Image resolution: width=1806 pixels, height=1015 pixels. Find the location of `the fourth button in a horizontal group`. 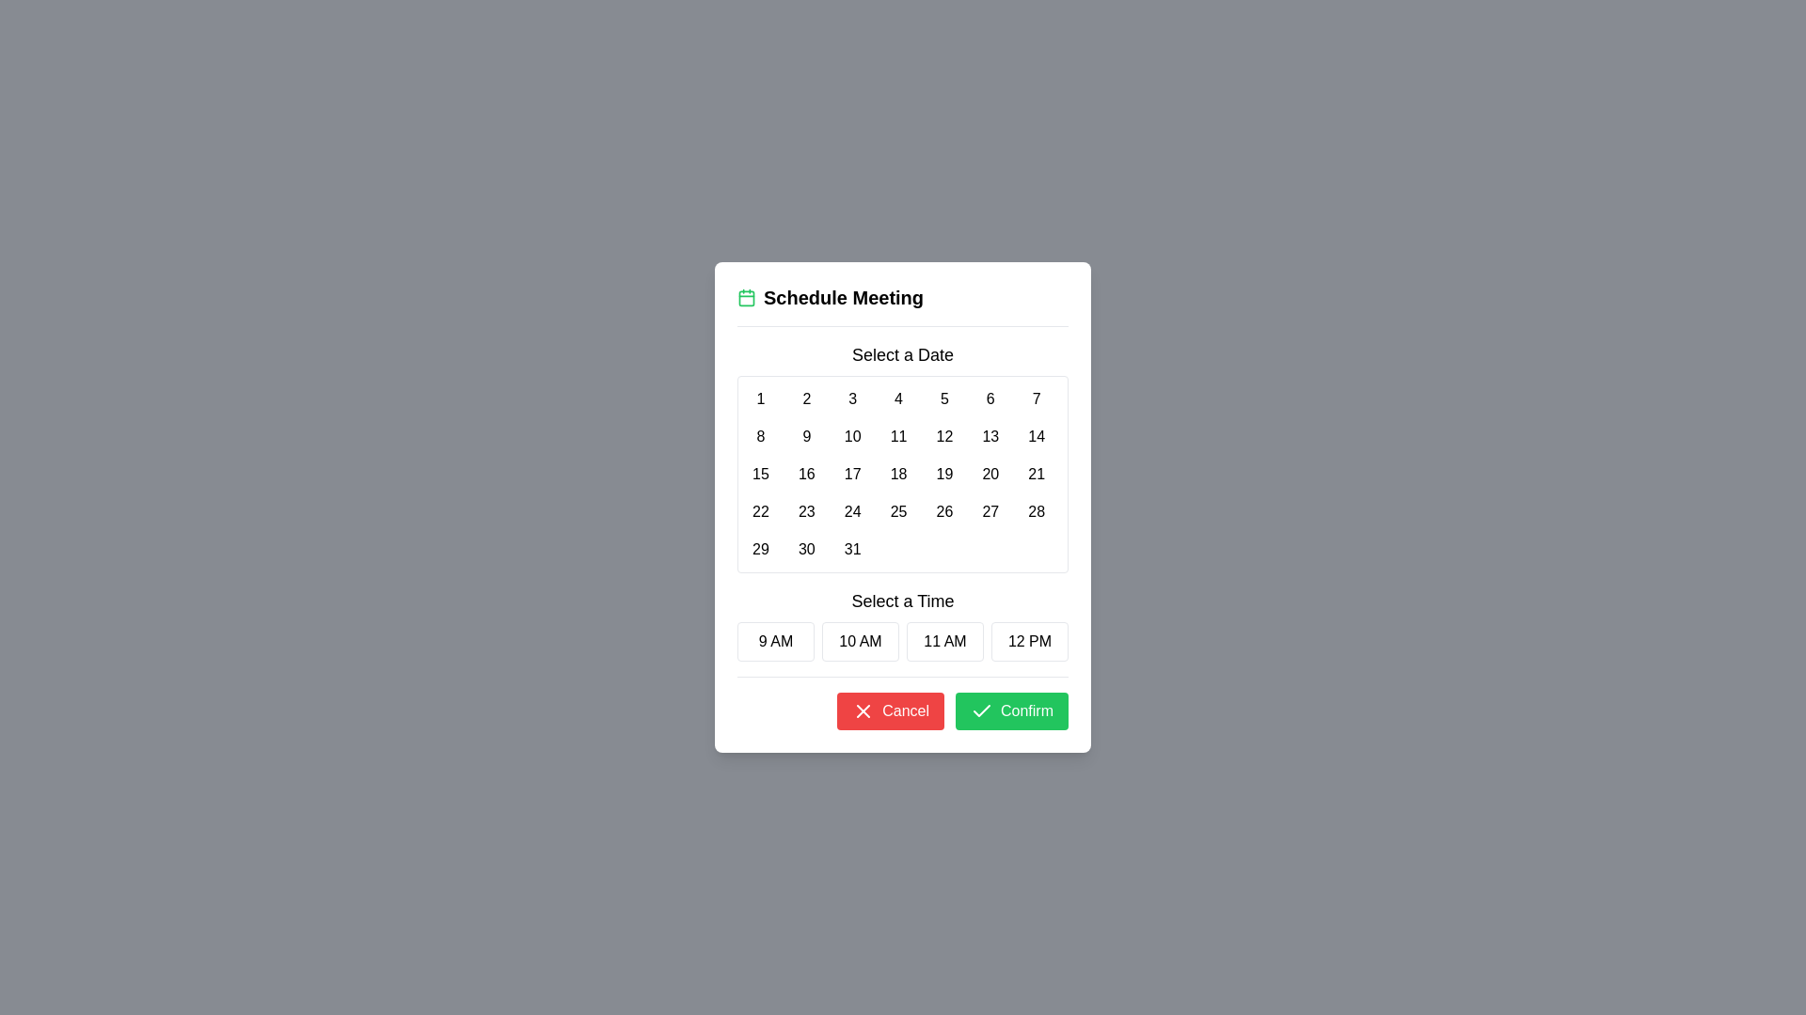

the fourth button in a horizontal group is located at coordinates (1028, 640).